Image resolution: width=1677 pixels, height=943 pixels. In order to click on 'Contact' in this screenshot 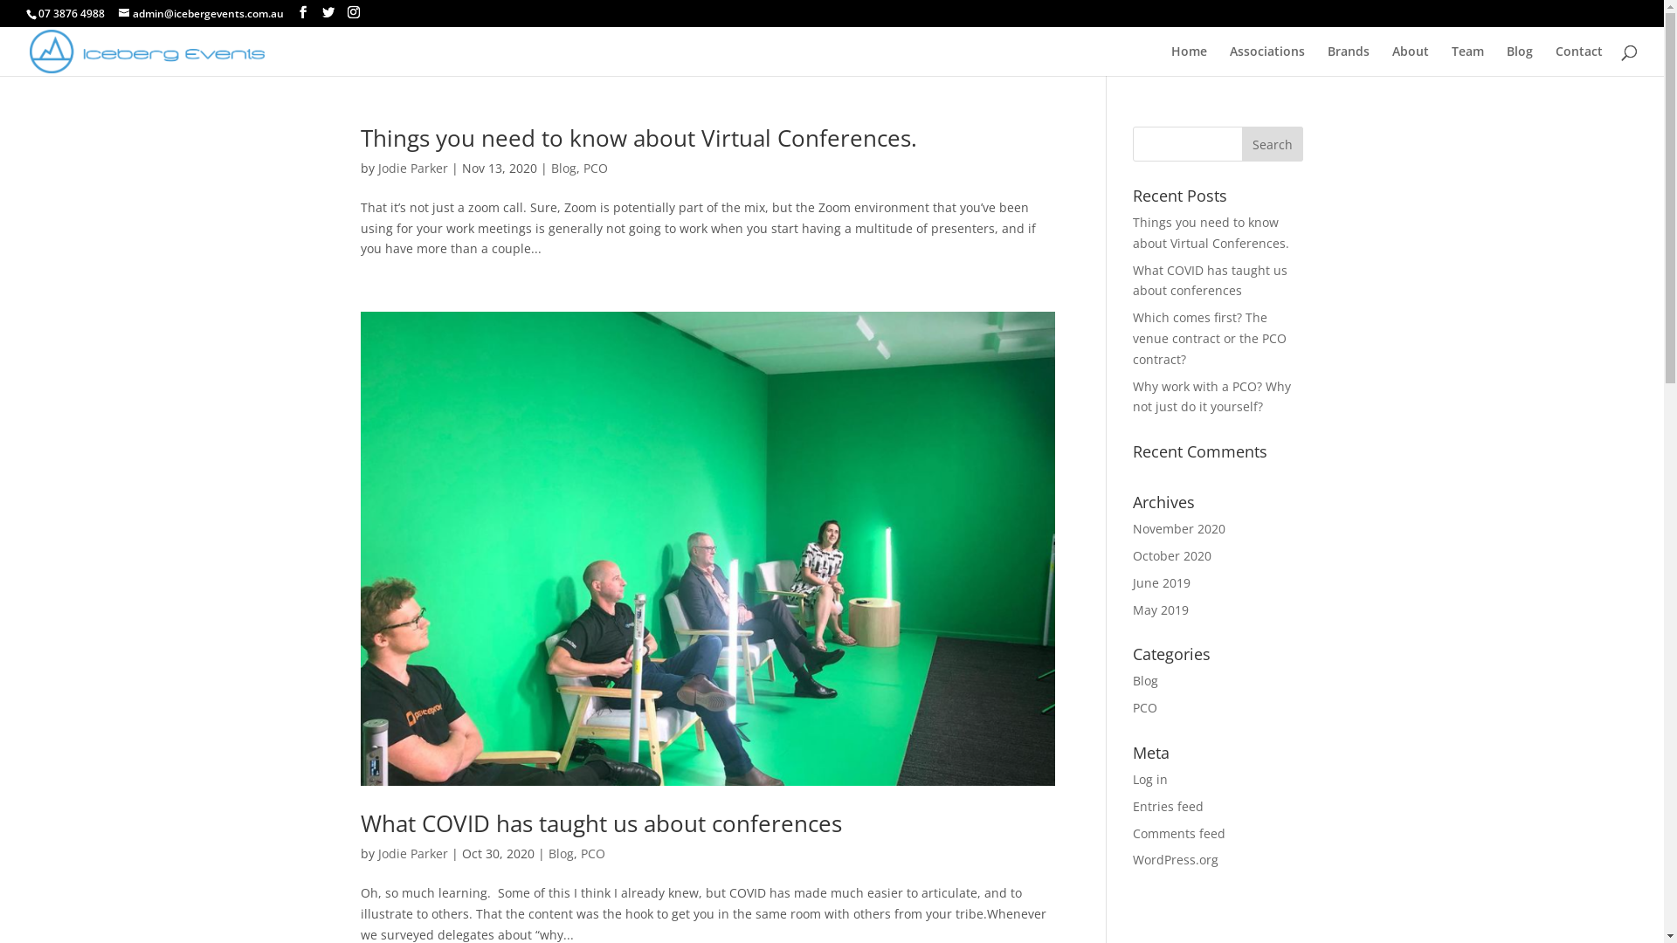, I will do `click(1579, 59)`.